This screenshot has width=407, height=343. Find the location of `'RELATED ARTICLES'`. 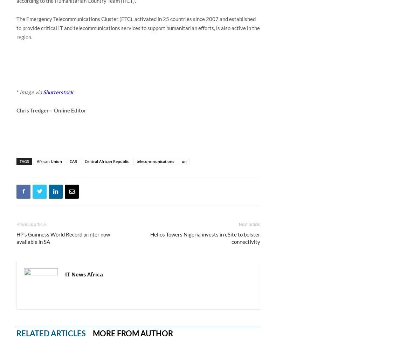

'RELATED ARTICLES' is located at coordinates (50, 332).